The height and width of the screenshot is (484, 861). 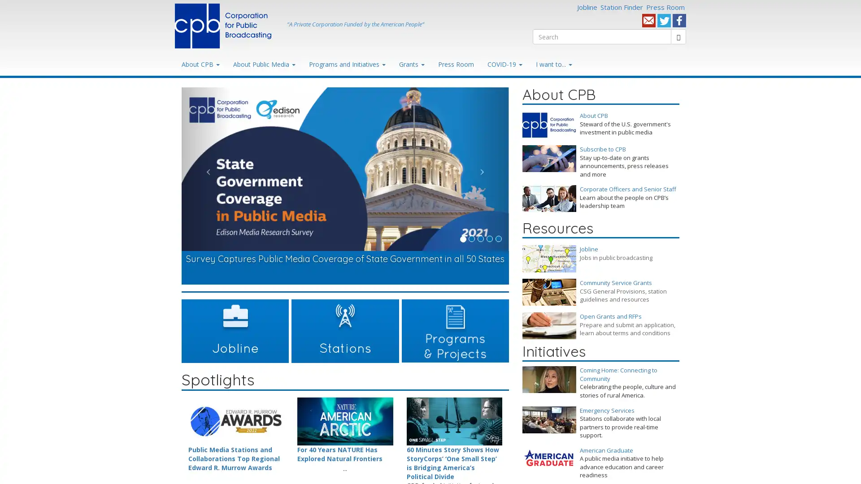 What do you see at coordinates (205, 169) in the screenshot?
I see `Previous` at bounding box center [205, 169].